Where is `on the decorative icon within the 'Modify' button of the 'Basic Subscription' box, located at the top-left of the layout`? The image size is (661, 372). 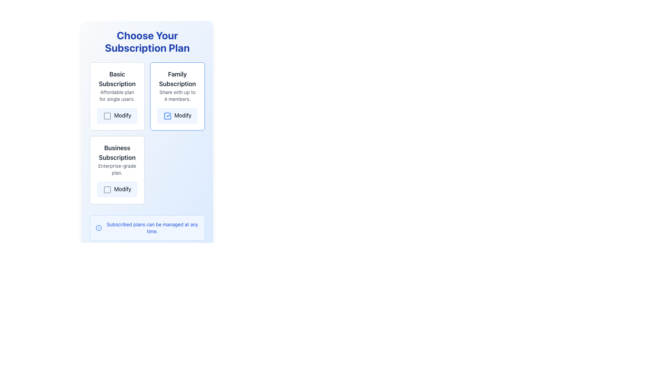
on the decorative icon within the 'Modify' button of the 'Basic Subscription' box, located at the top-left of the layout is located at coordinates (107, 115).